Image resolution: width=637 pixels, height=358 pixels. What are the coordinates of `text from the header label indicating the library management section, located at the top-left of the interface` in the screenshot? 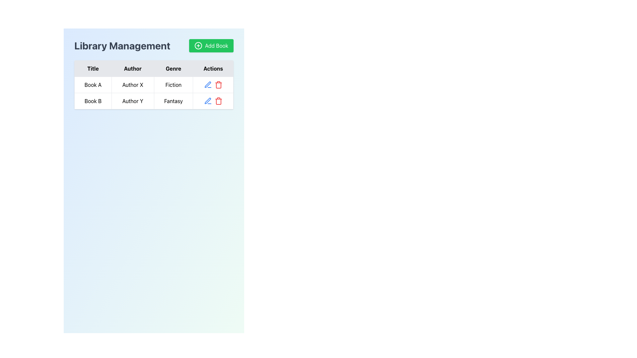 It's located at (122, 45).